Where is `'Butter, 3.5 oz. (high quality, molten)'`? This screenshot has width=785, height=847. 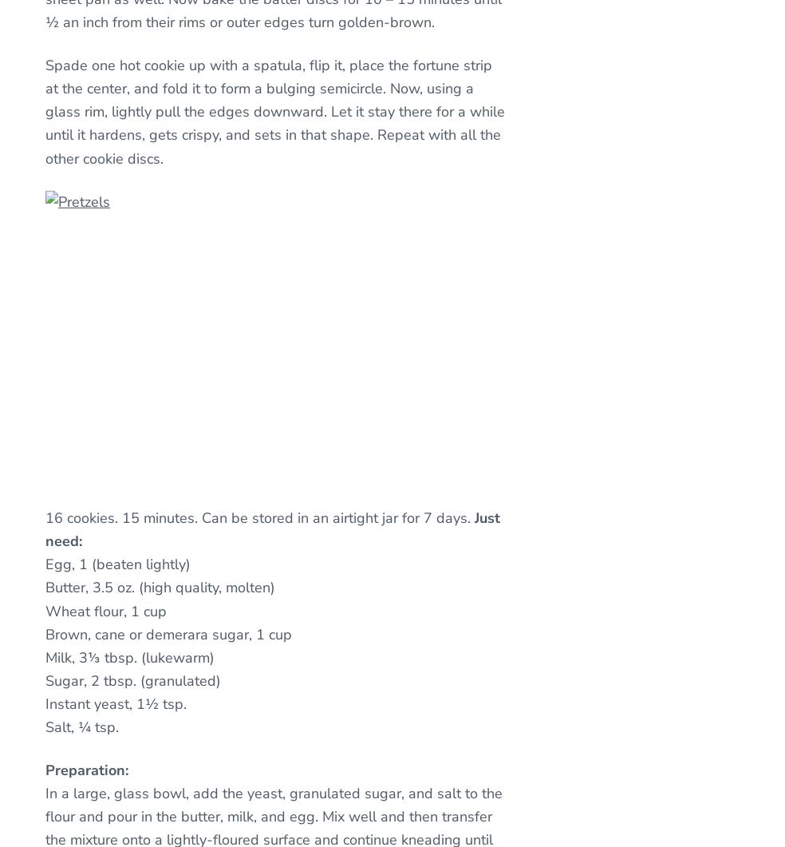
'Butter, 3.5 oz. (high quality, molten)' is located at coordinates (160, 588).